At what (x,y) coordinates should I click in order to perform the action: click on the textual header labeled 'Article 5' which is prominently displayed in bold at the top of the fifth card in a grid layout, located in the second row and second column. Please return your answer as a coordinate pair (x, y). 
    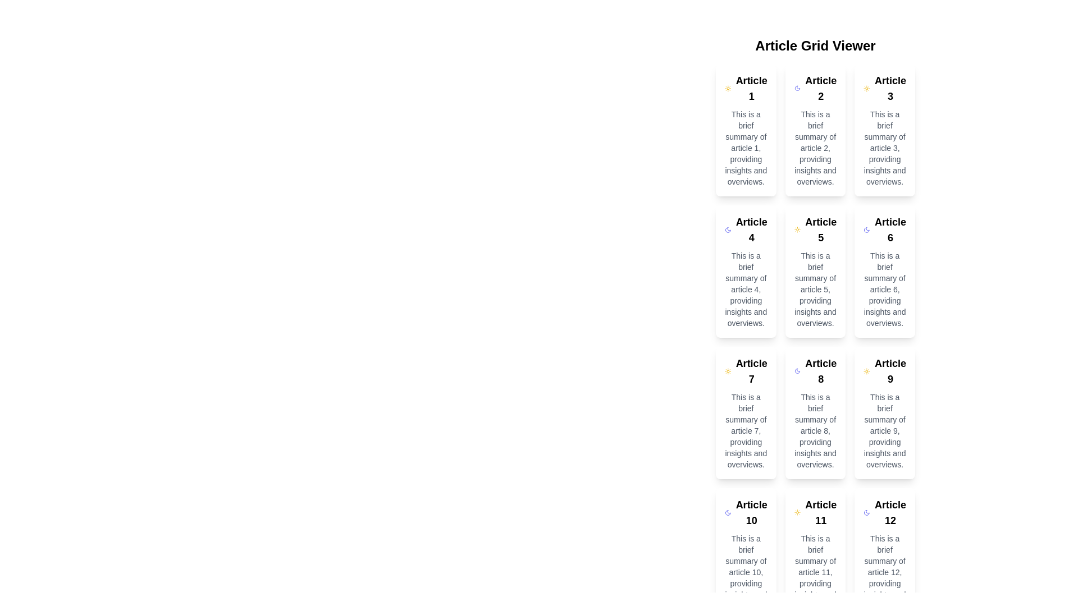
    Looking at the image, I should click on (821, 229).